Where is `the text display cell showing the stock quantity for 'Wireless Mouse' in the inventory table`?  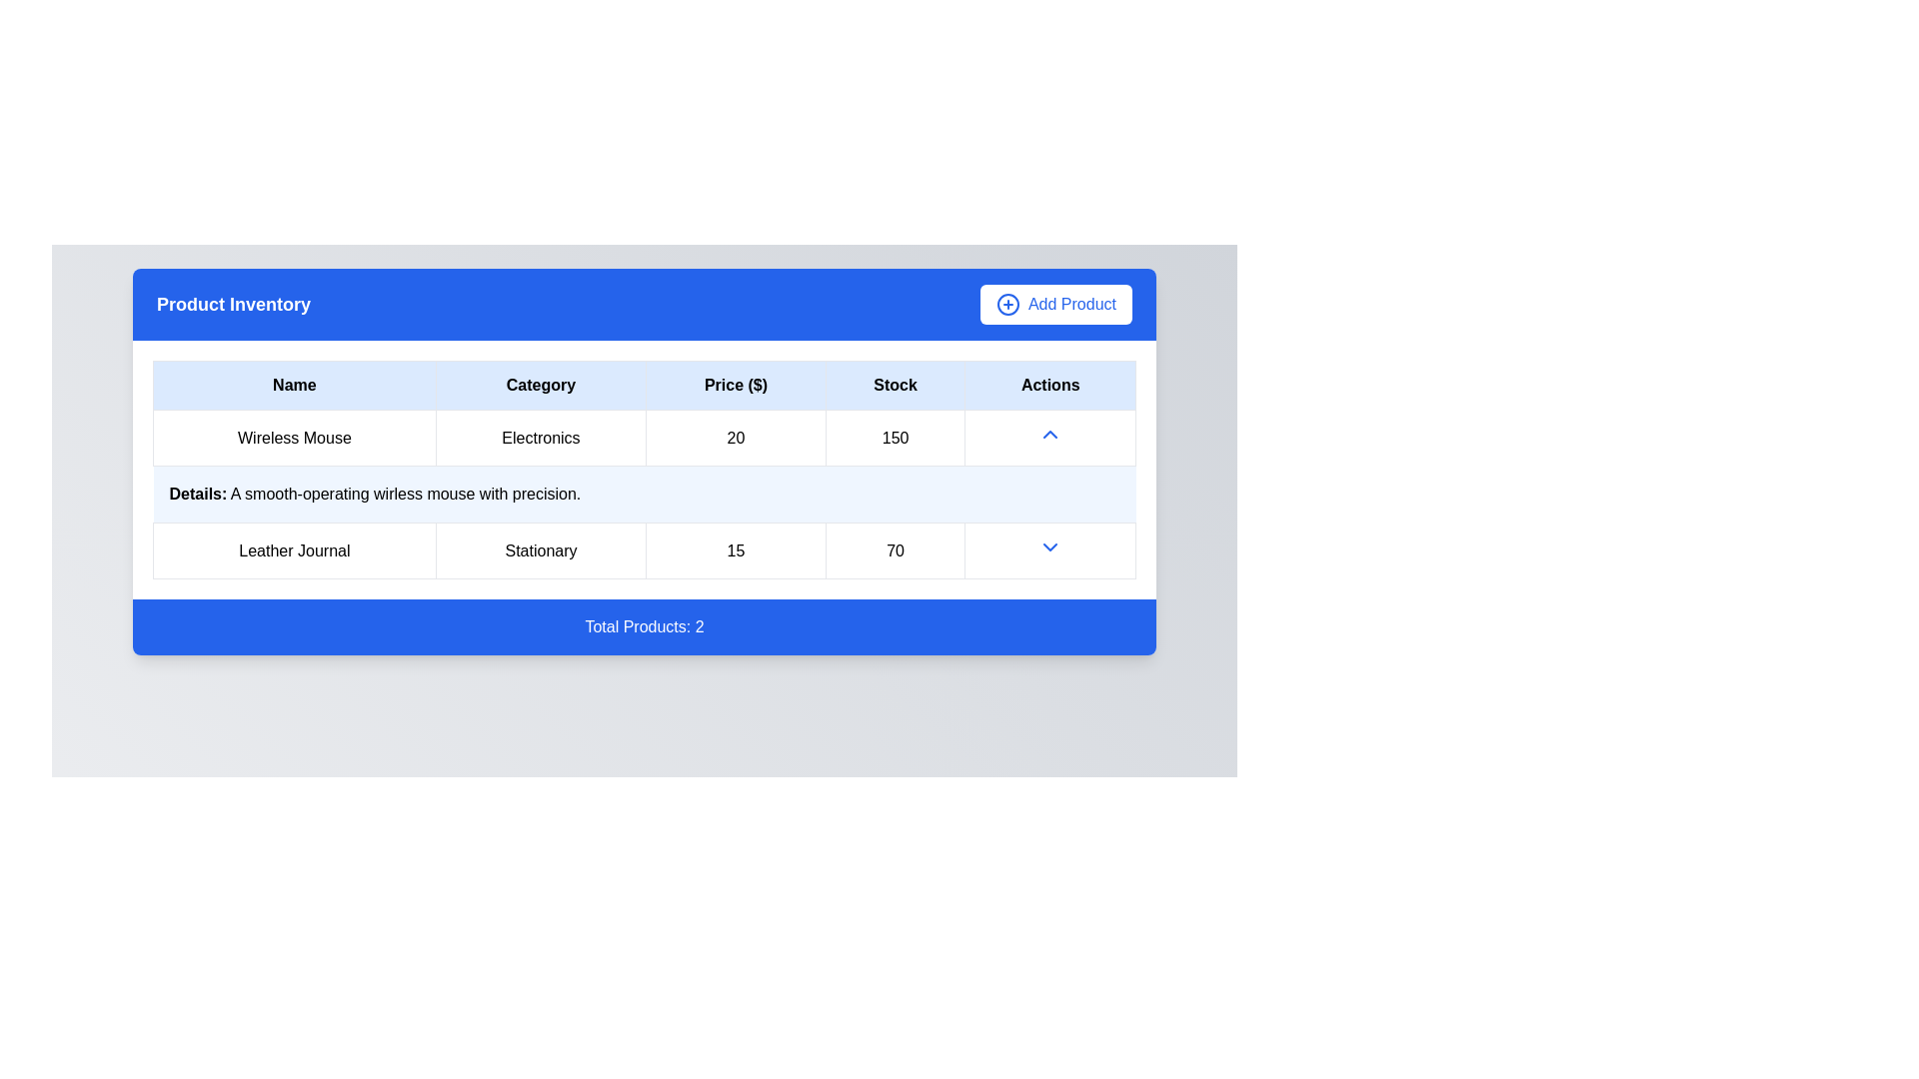
the text display cell showing the stock quantity for 'Wireless Mouse' in the inventory table is located at coordinates (895, 437).